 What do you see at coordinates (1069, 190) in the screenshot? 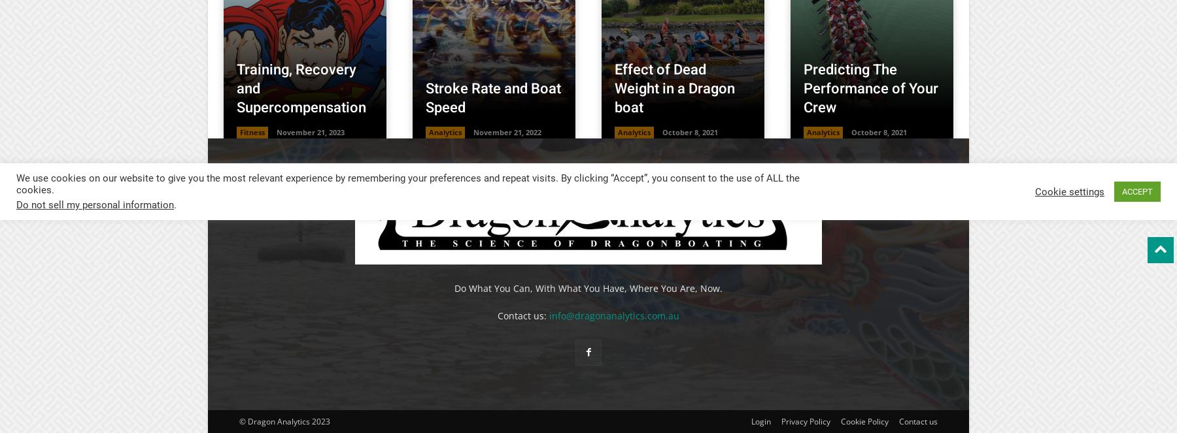
I see `'Cookie settings'` at bounding box center [1069, 190].